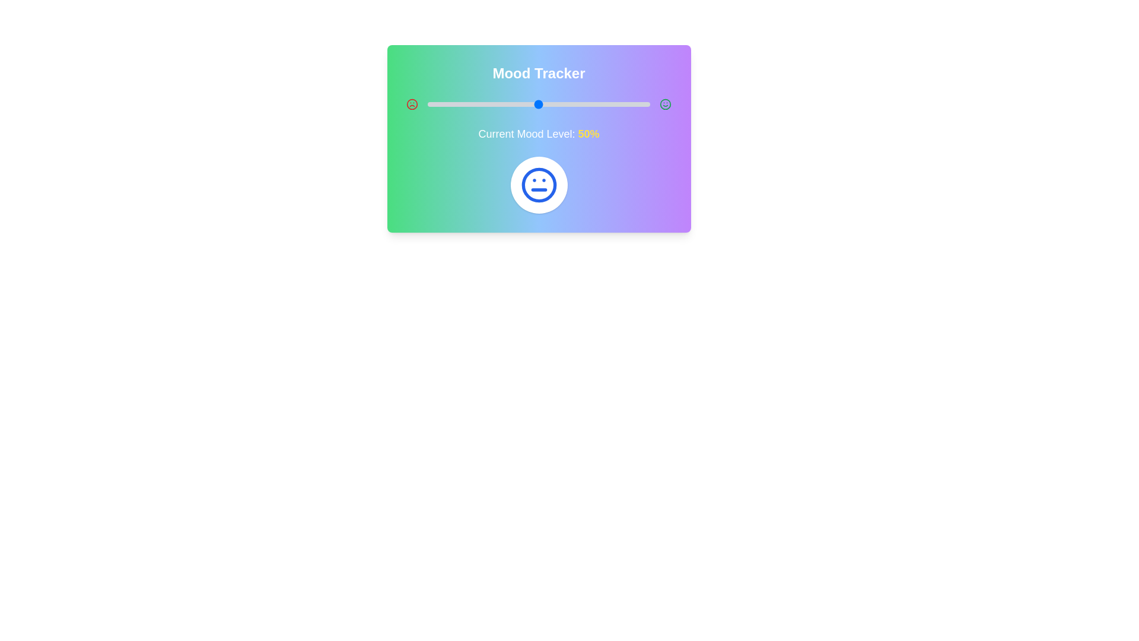 This screenshot has width=1139, height=641. Describe the element at coordinates (449, 104) in the screenshot. I see `the mood level to 10% by interacting with the slider` at that location.